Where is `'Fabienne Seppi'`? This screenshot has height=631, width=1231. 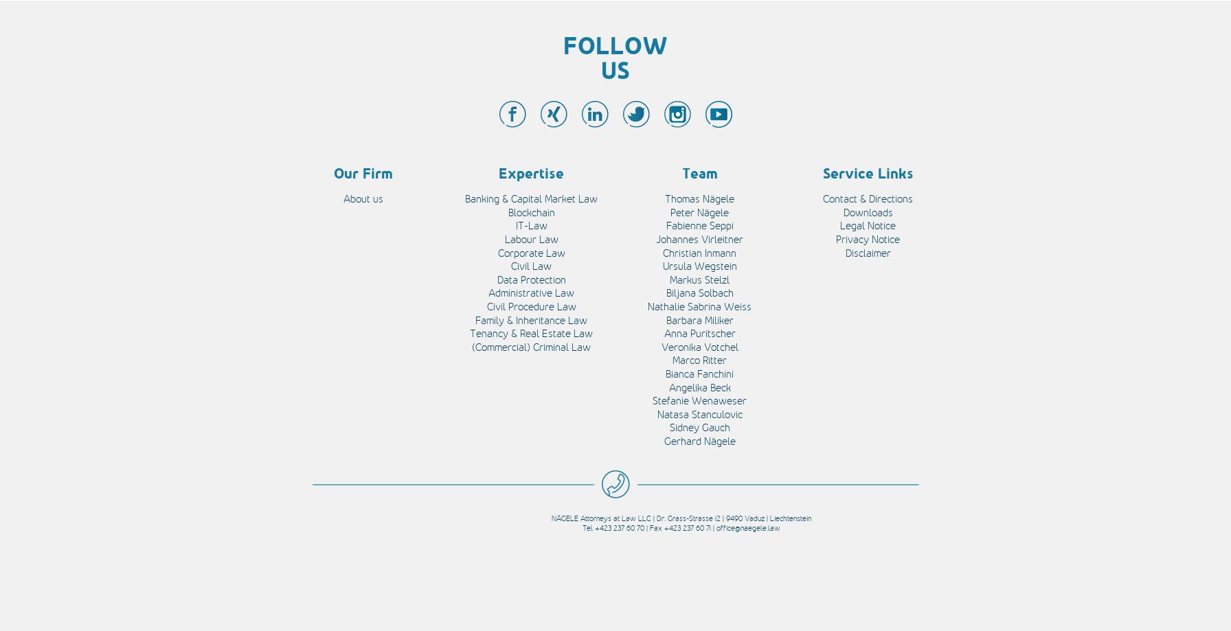
'Fabienne Seppi' is located at coordinates (699, 225).